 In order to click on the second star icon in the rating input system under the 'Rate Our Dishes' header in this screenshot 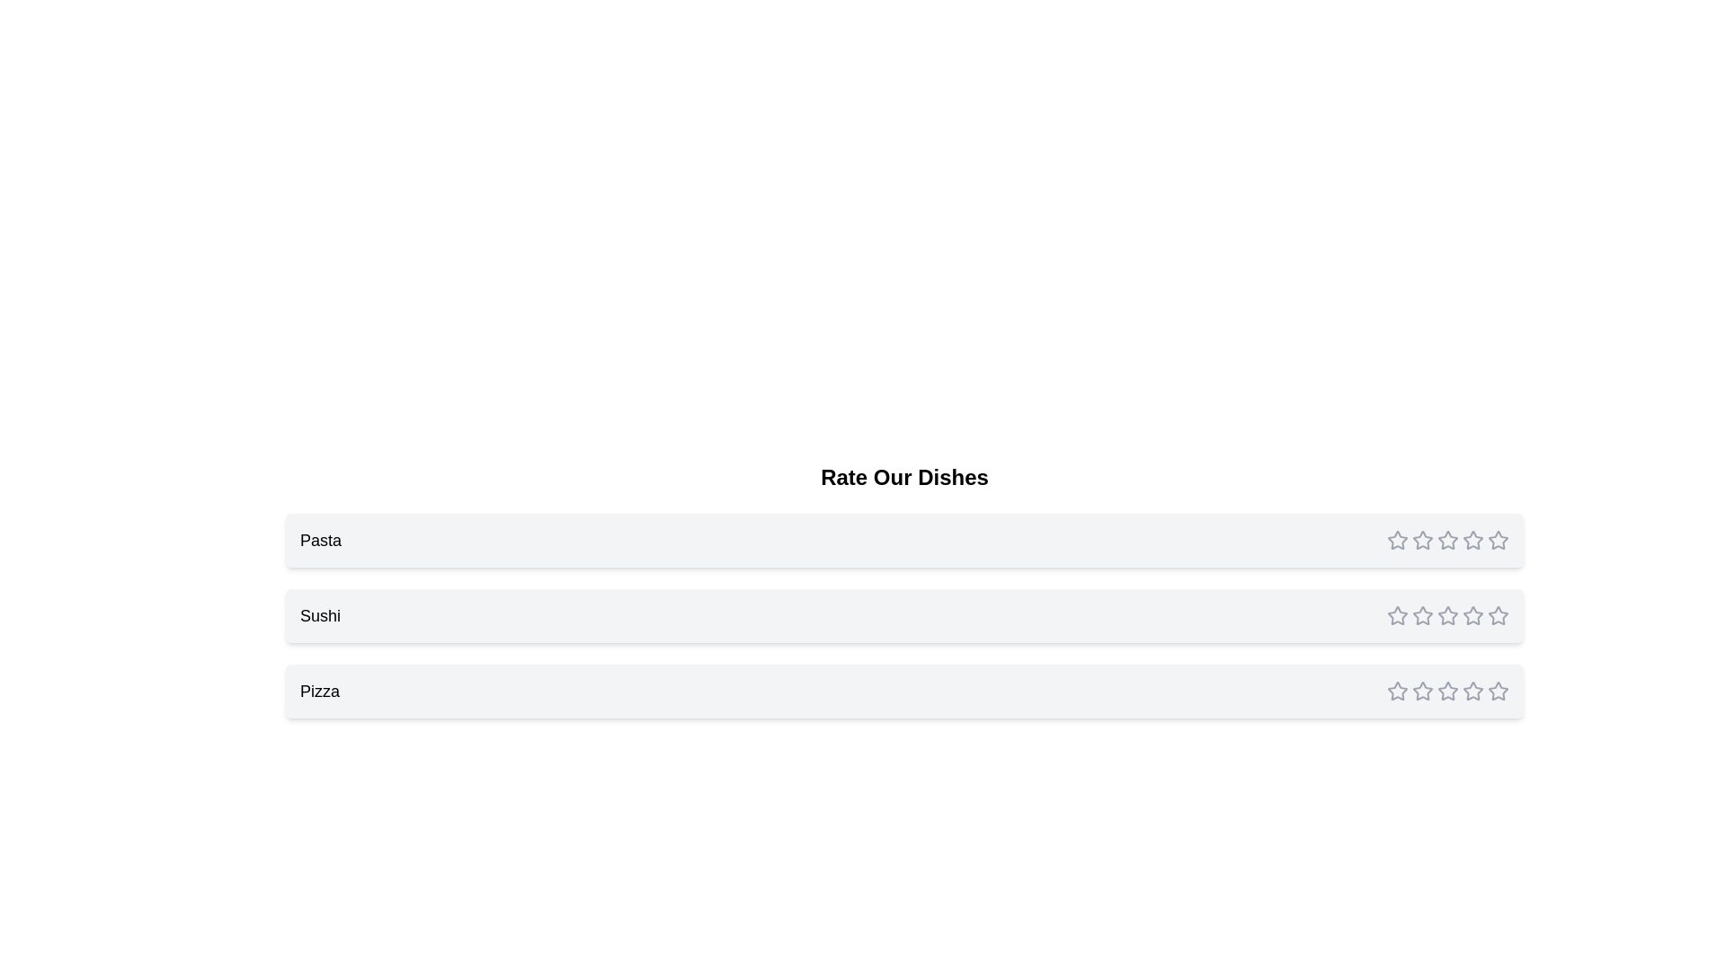, I will do `click(1422, 539)`.